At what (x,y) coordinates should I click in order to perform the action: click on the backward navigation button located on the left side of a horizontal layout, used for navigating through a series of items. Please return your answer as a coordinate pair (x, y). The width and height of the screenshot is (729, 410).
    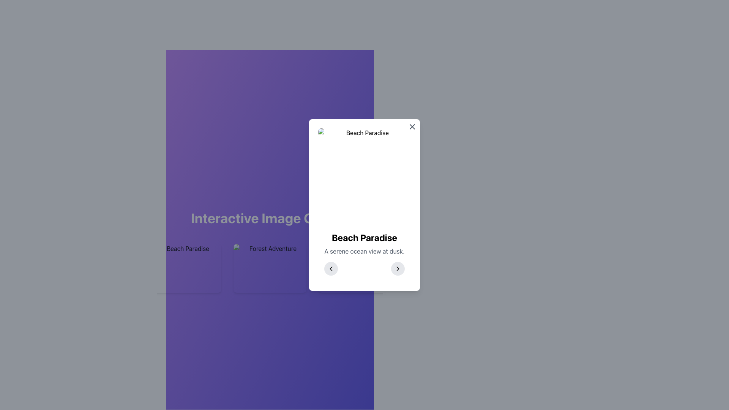
    Looking at the image, I should click on (331, 268).